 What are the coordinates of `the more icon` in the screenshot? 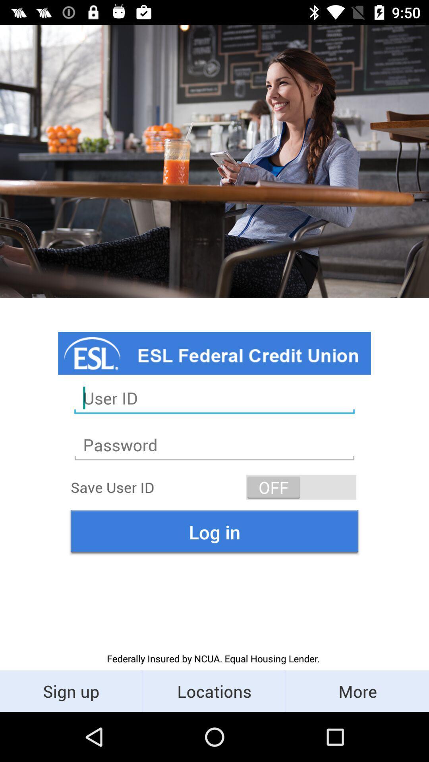 It's located at (357, 691).